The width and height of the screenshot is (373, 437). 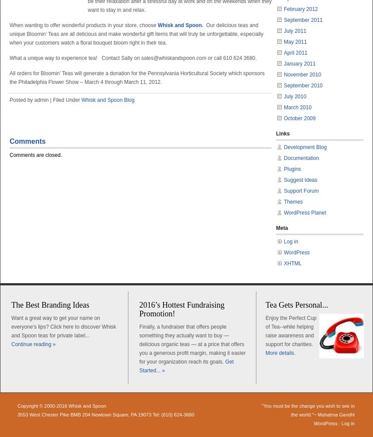 I want to click on 'Our delicious teas and unique Bloomin’ Teas are all delicious and make wonderful gift items that will truly be unforgettable, especially when your customers watch a floral bouquet bloom right in their tea.', so click(x=135, y=34).